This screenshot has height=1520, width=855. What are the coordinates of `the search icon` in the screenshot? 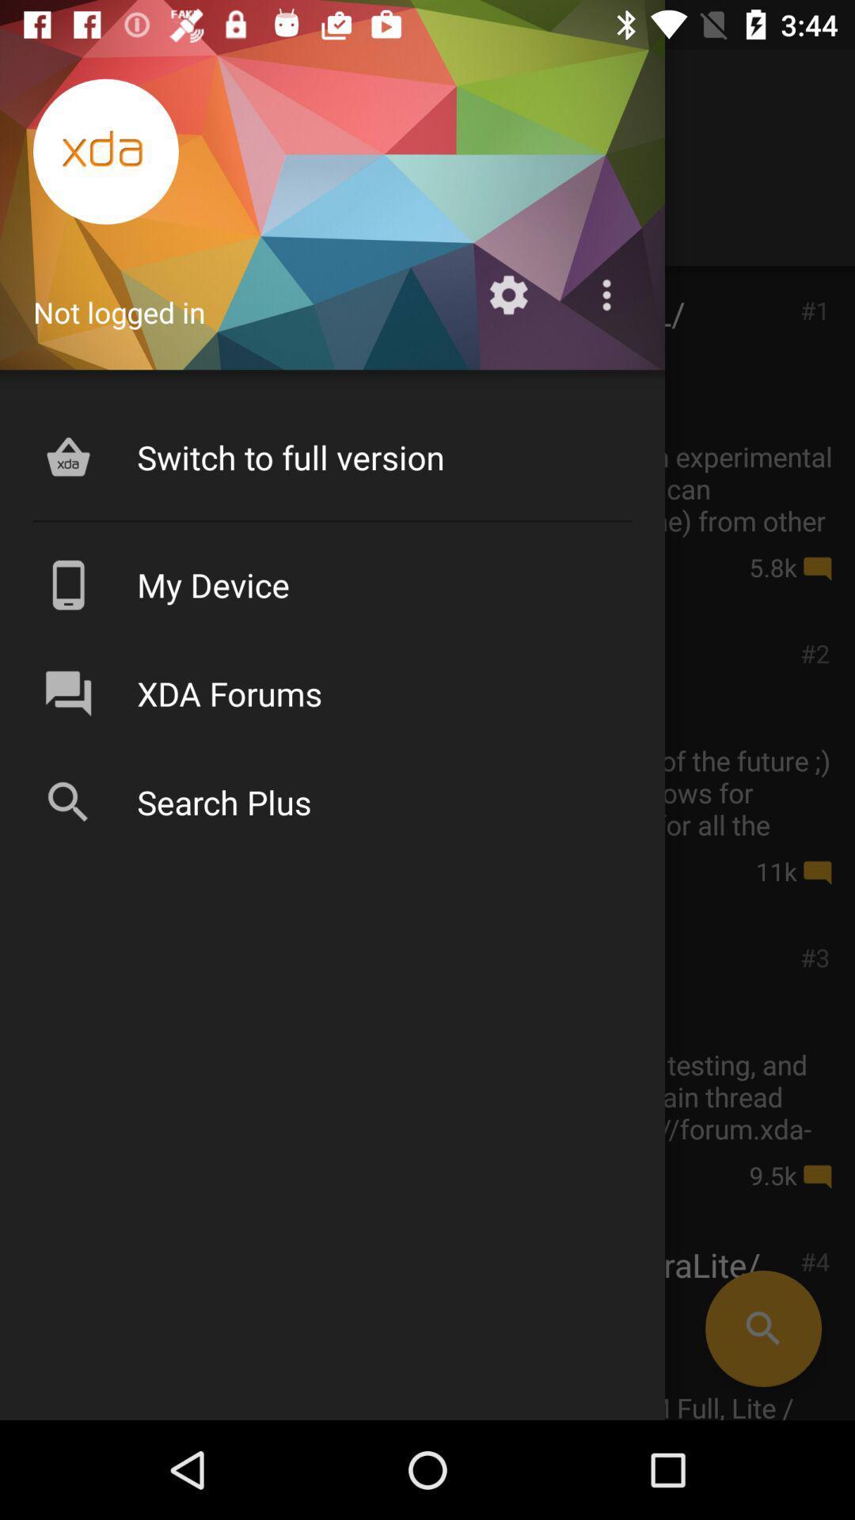 It's located at (762, 1328).